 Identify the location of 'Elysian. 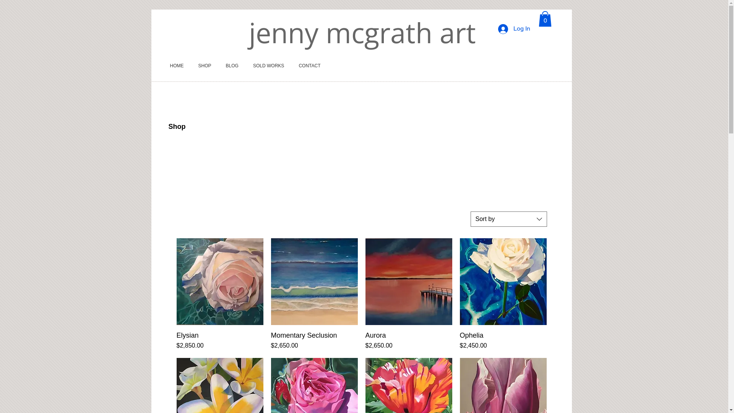
(219, 340).